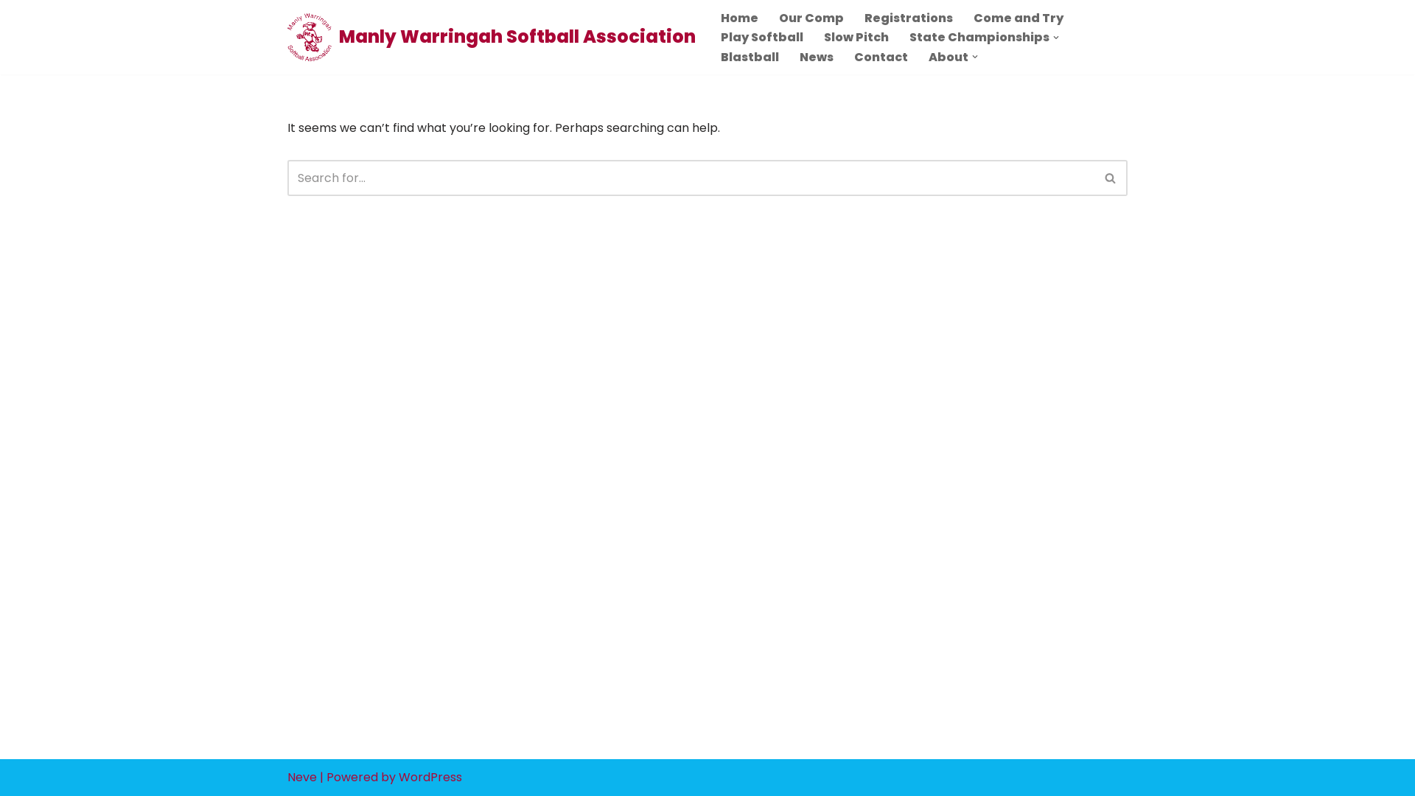 The width and height of the screenshot is (1415, 796). Describe the element at coordinates (10, 31) in the screenshot. I see `'Skip to content'` at that location.